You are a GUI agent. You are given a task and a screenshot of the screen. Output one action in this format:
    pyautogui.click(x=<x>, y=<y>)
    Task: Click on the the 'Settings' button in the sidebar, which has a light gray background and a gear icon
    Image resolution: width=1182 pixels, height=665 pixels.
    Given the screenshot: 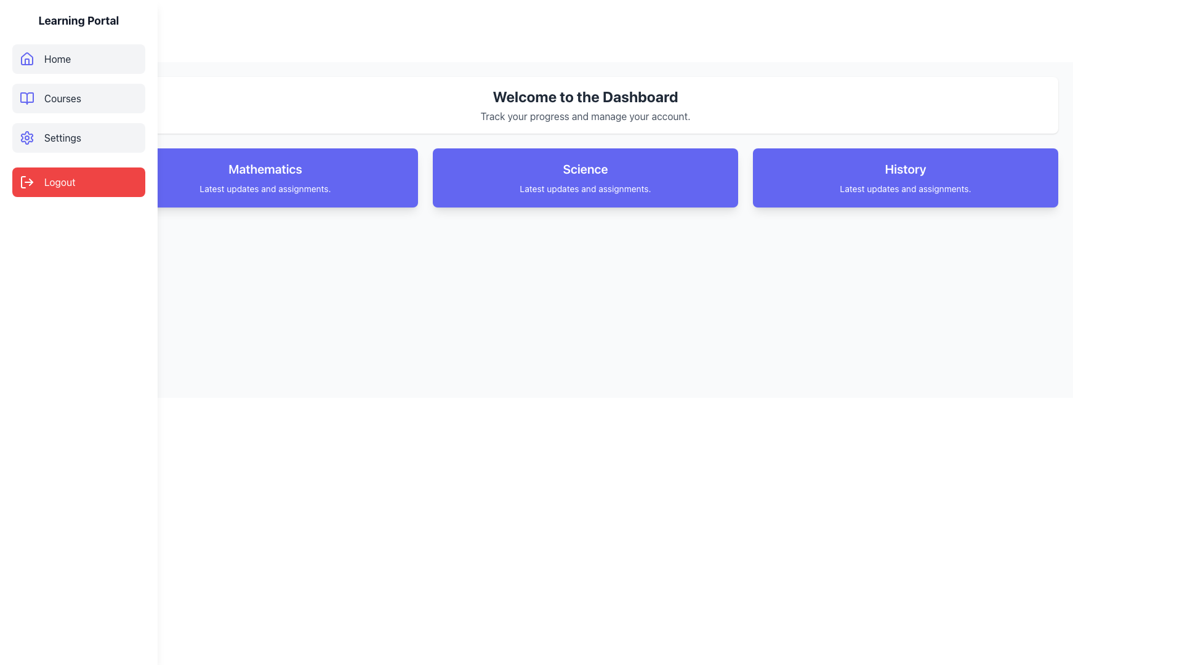 What is the action you would take?
    pyautogui.click(x=78, y=137)
    